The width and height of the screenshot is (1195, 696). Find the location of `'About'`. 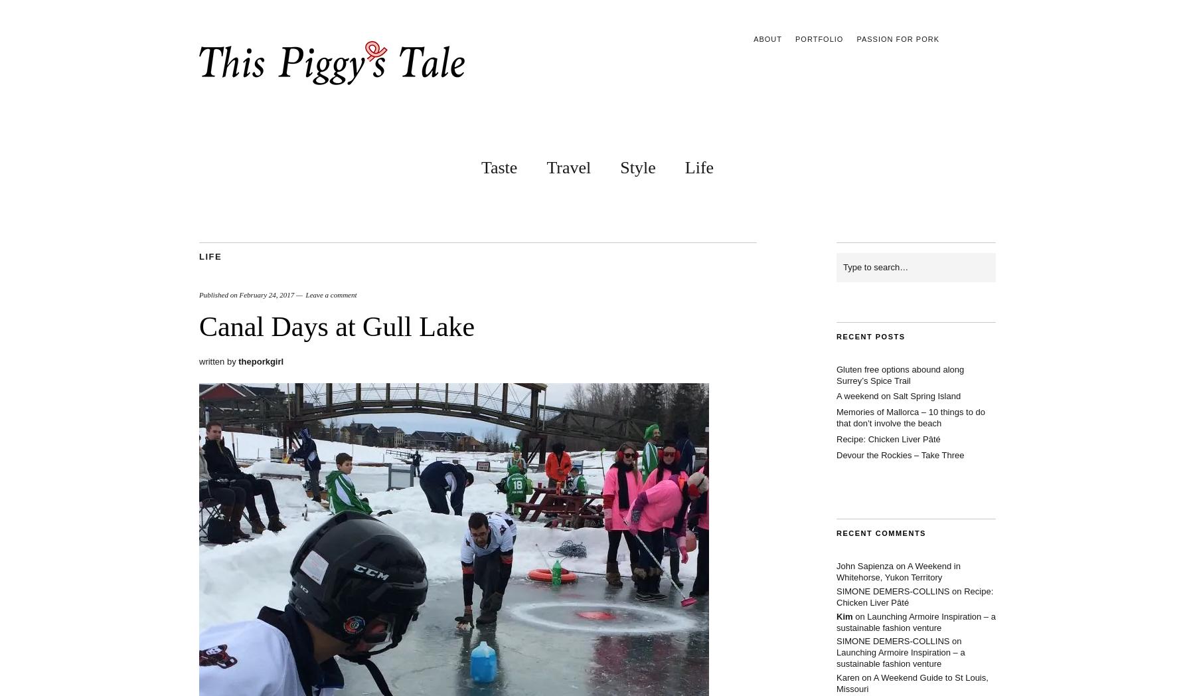

'About' is located at coordinates (767, 39).